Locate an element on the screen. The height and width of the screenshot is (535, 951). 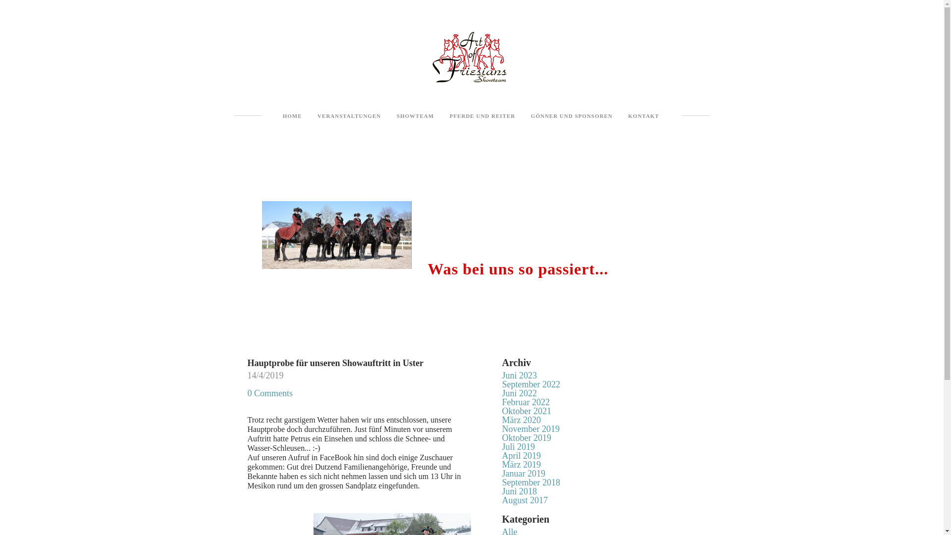
'SHOWTEAM' is located at coordinates (415, 115).